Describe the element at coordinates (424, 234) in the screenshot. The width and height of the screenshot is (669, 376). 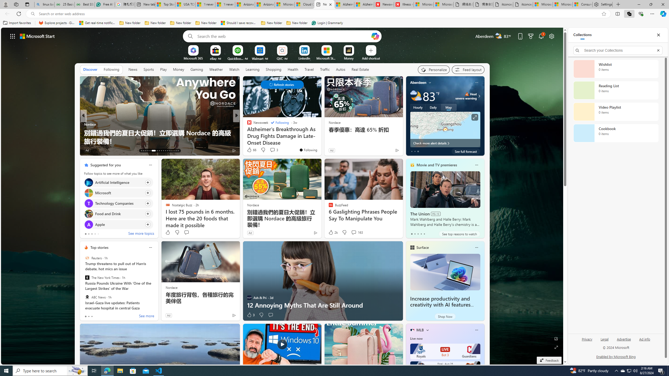
I see `'tab-4'` at that location.